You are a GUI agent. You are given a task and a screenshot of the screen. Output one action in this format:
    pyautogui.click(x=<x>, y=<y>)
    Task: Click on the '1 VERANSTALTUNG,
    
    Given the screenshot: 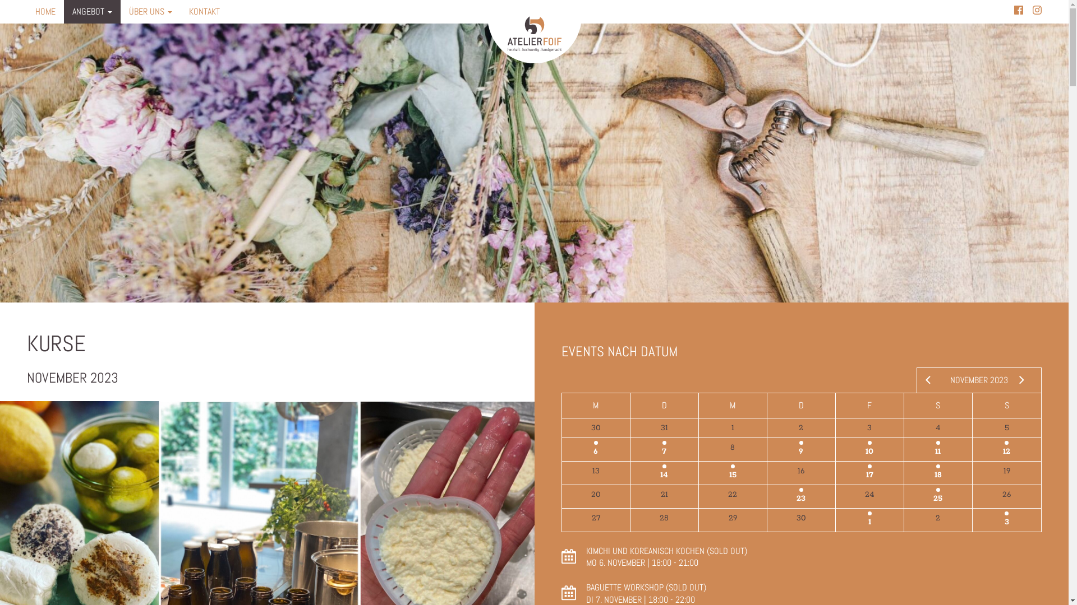 What is the action you would take?
    pyautogui.click(x=869, y=473)
    